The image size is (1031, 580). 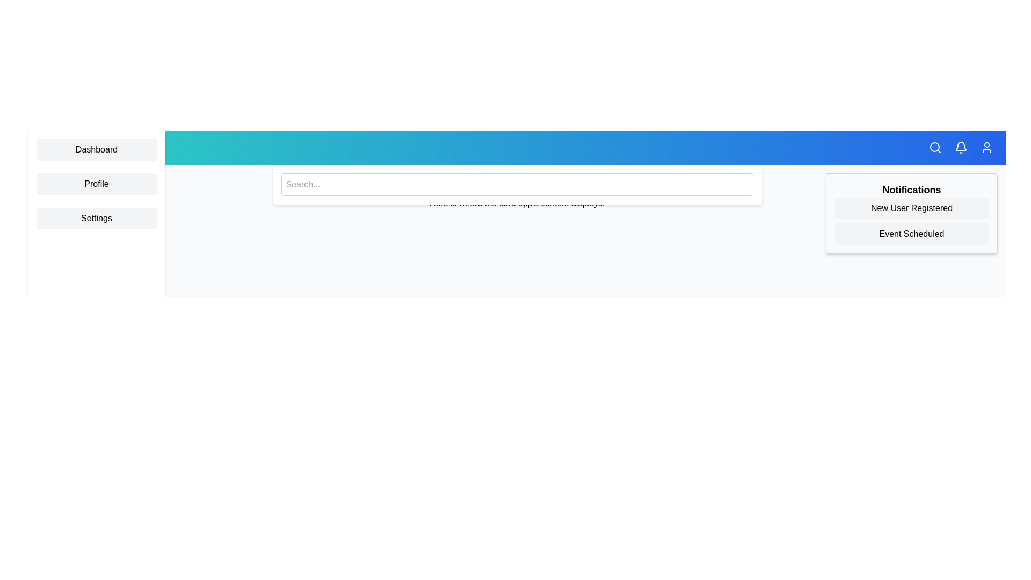 I want to click on the first Hyperlink button in the sidebar, so click(x=97, y=149).